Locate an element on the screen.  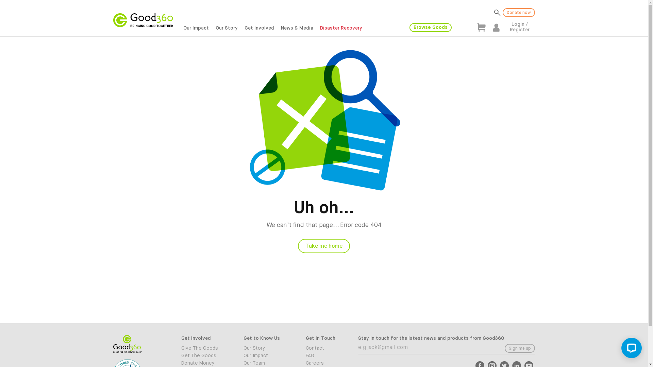
'Get The Goods' is located at coordinates (206, 355).